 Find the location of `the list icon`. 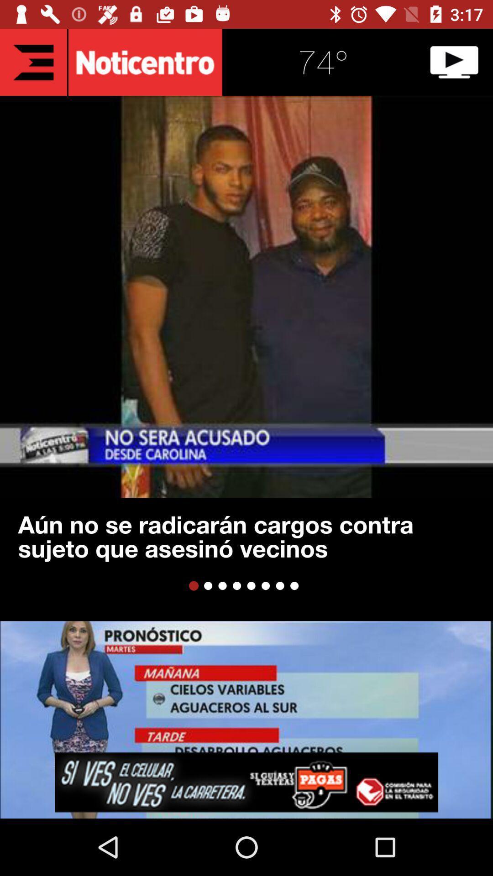

the list icon is located at coordinates (33, 62).